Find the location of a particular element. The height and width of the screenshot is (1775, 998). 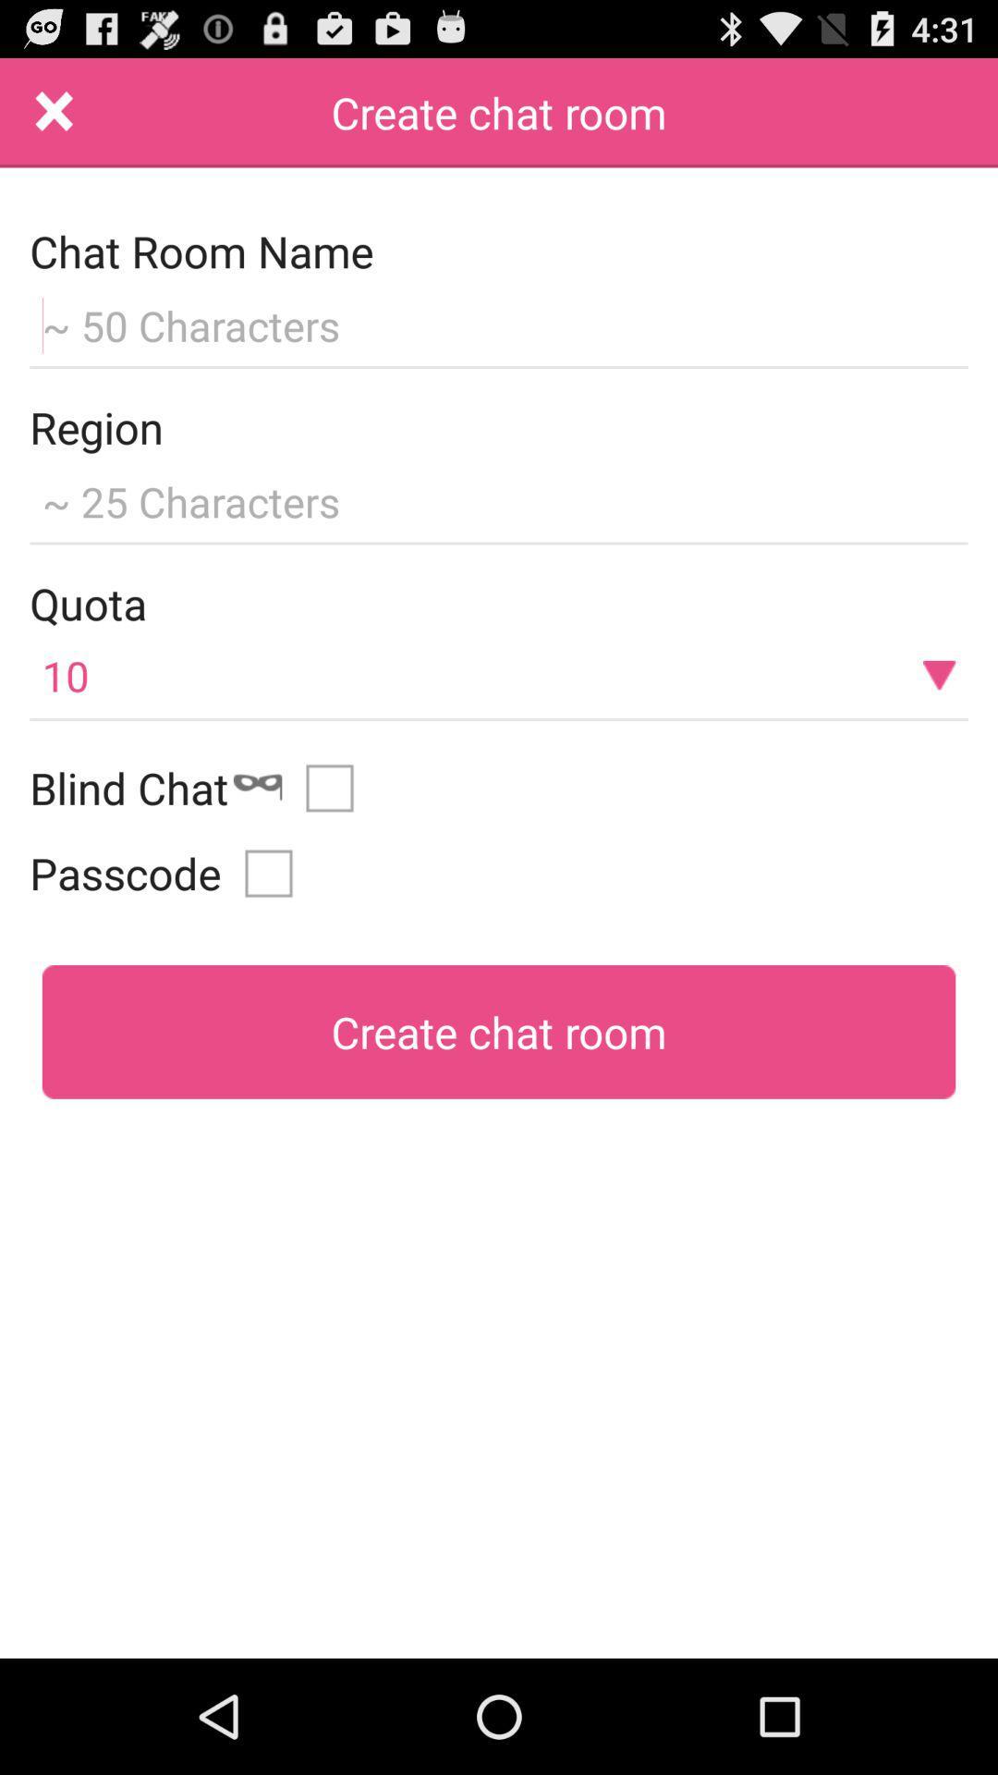

10 is located at coordinates (499, 674).